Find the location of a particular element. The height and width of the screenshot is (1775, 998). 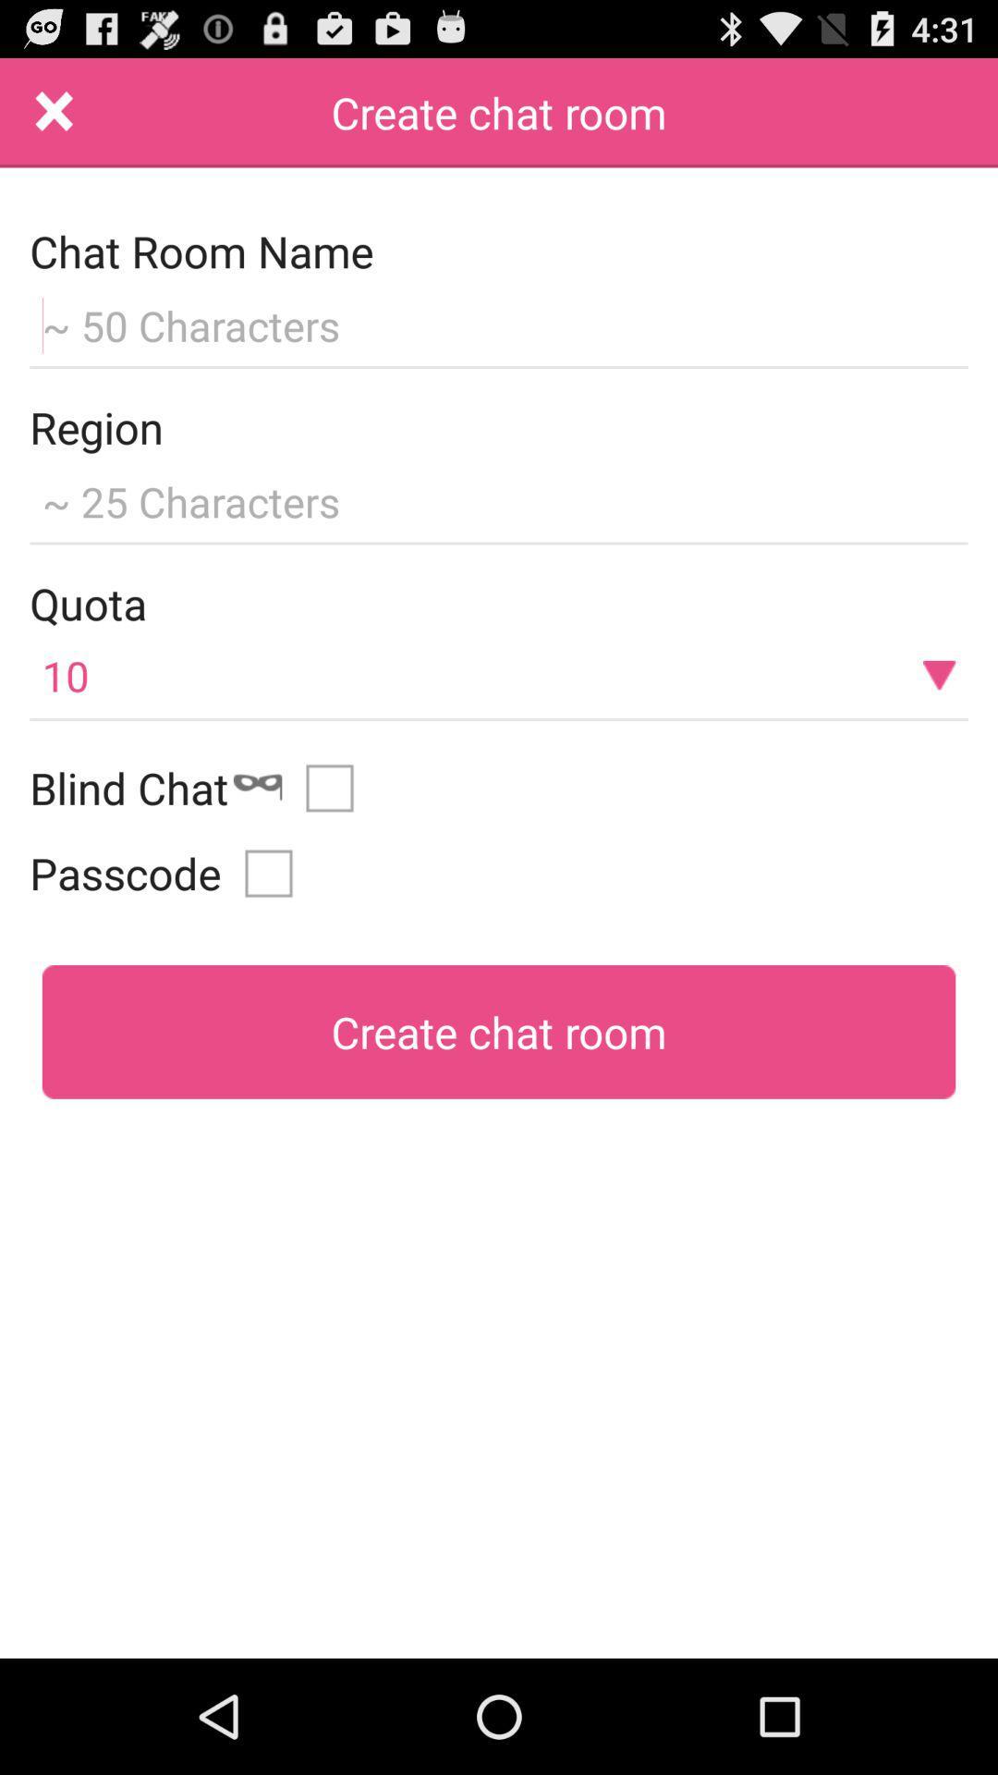

10 is located at coordinates (499, 674).